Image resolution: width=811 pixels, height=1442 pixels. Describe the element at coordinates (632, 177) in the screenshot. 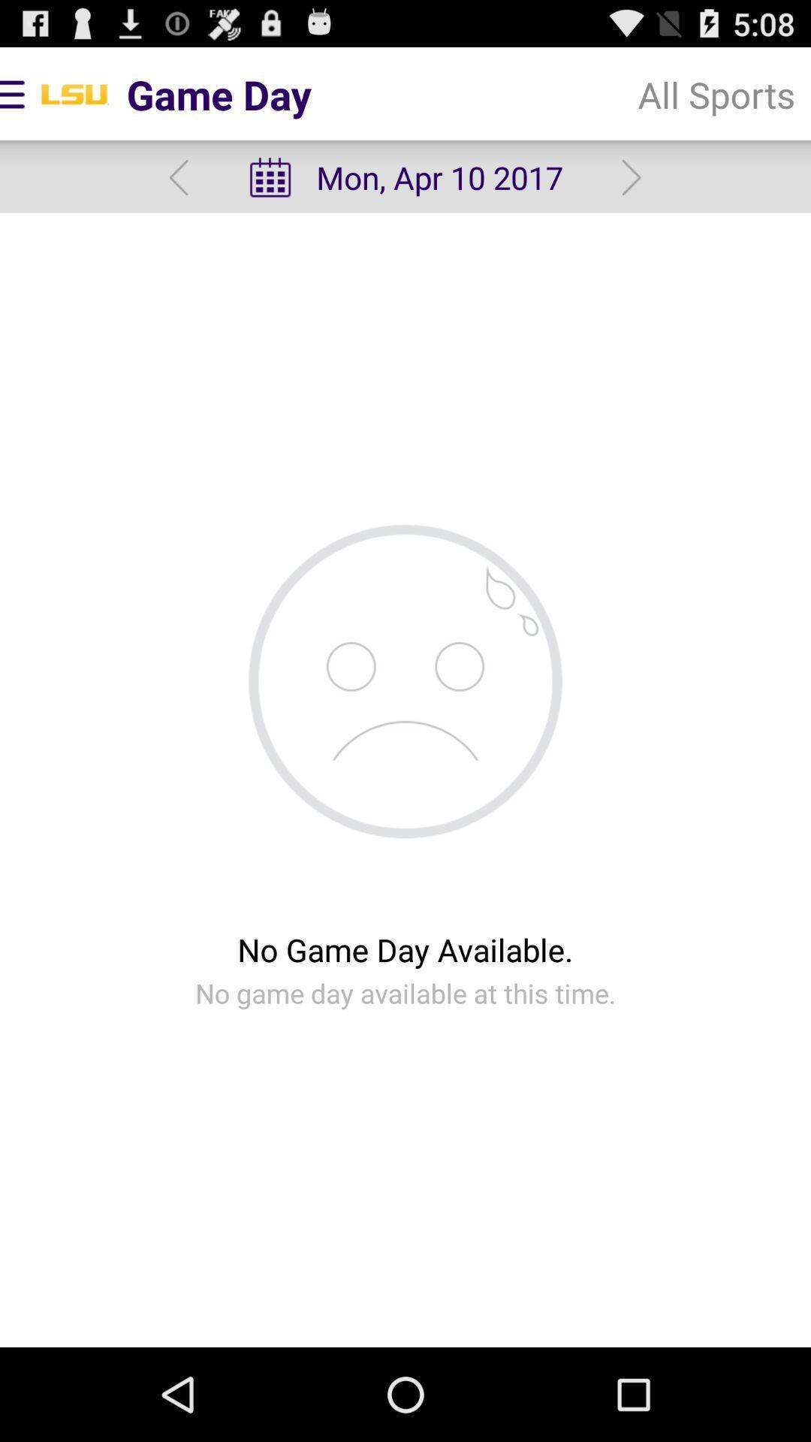

I see `next menu` at that location.